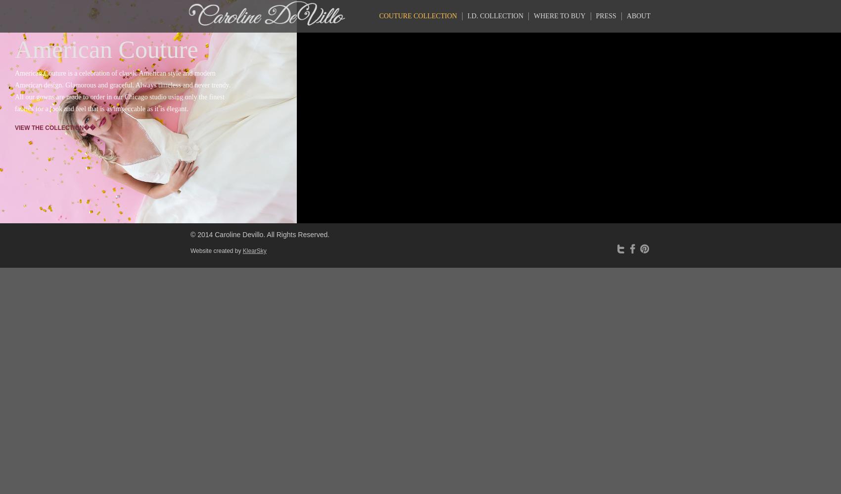 The image size is (841, 494). I want to click on 'KlearSky', so click(254, 251).